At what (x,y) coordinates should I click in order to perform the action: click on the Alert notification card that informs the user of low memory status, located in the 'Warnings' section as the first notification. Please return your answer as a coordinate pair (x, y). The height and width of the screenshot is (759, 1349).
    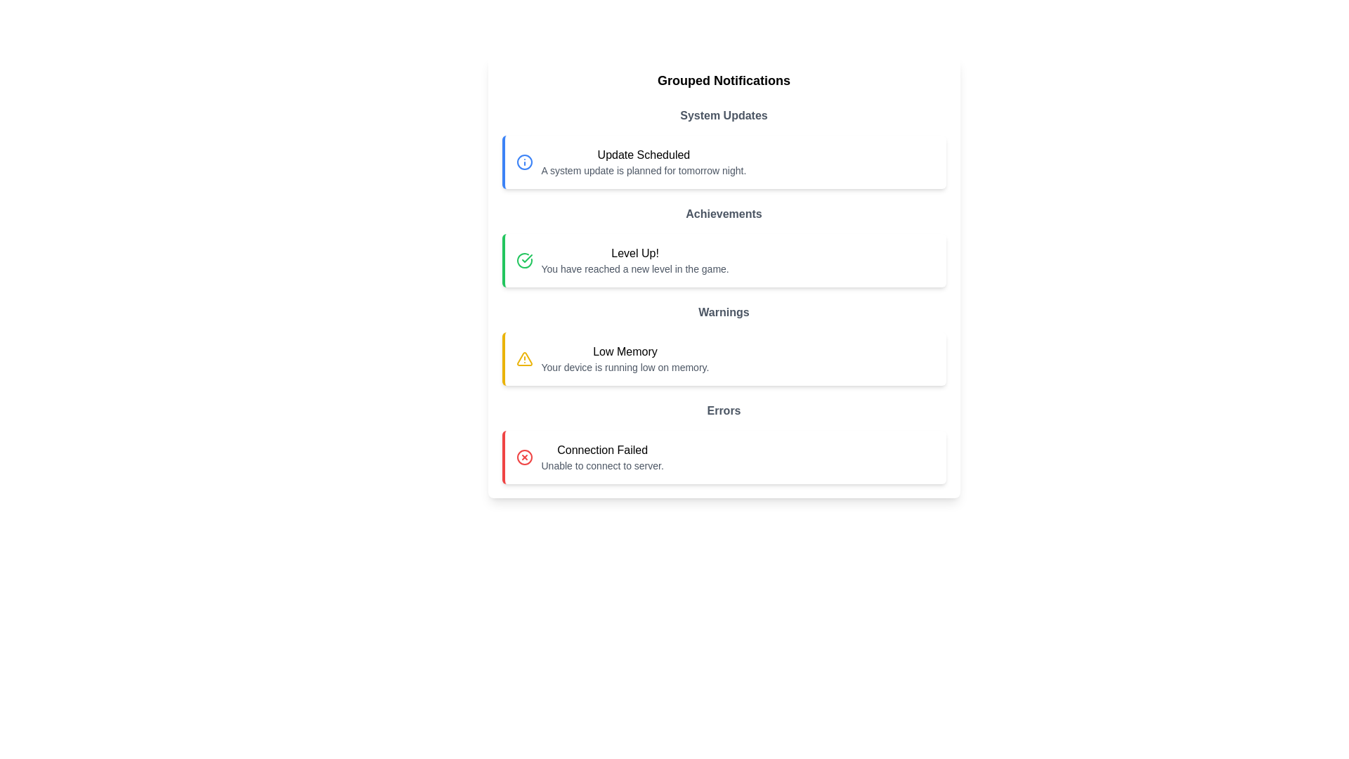
    Looking at the image, I should click on (724, 358).